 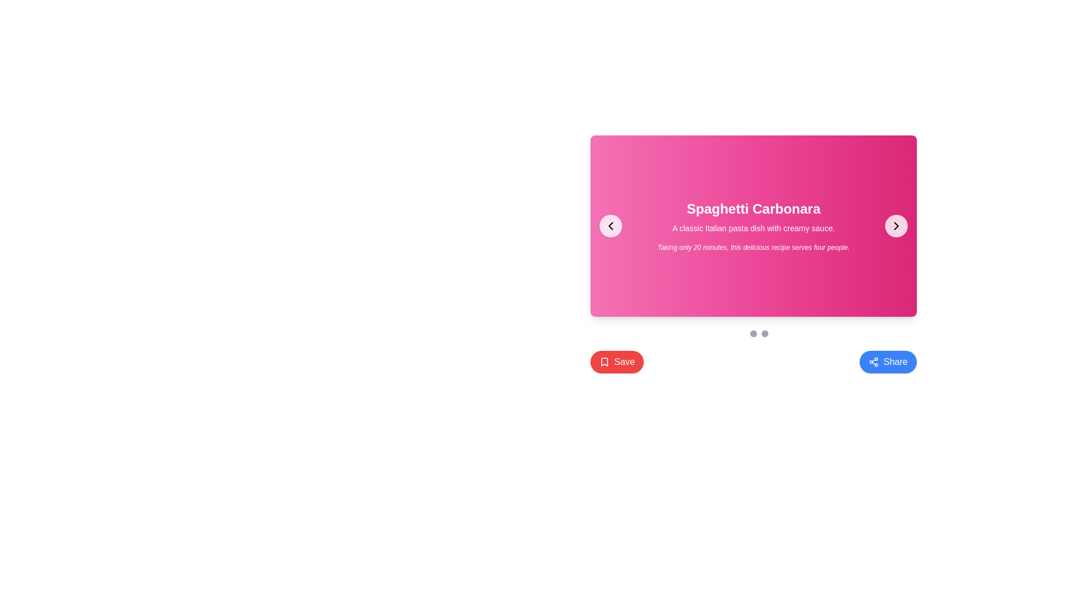 What do you see at coordinates (753, 333) in the screenshot?
I see `the second pagination dot, which is part of a horizontal group of three dots, to focus` at bounding box center [753, 333].